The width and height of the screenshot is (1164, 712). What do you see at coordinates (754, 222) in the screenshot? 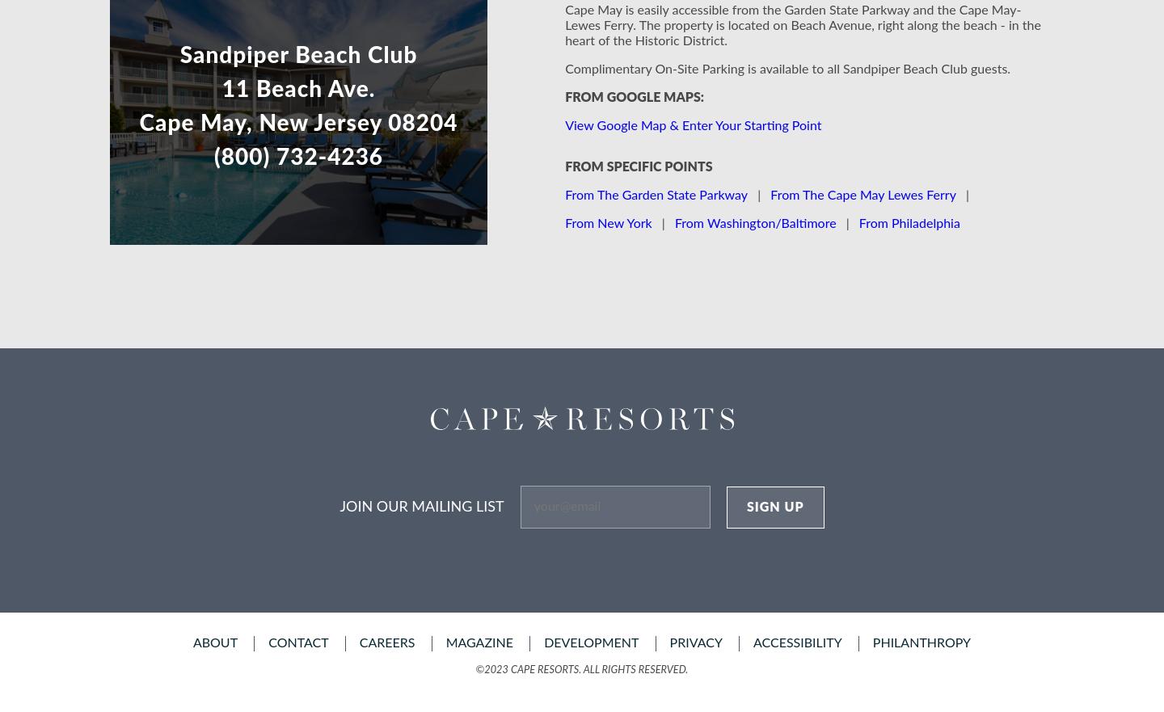
I see `'From Washington/Baltimore'` at bounding box center [754, 222].